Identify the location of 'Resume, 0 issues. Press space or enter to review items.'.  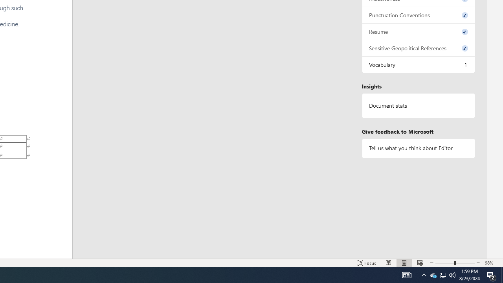
(418, 31).